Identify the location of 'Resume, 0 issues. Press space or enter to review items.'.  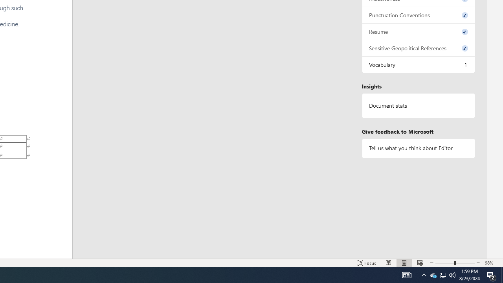
(418, 31).